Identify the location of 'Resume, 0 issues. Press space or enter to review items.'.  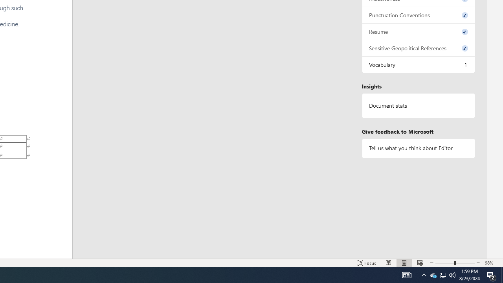
(418, 31).